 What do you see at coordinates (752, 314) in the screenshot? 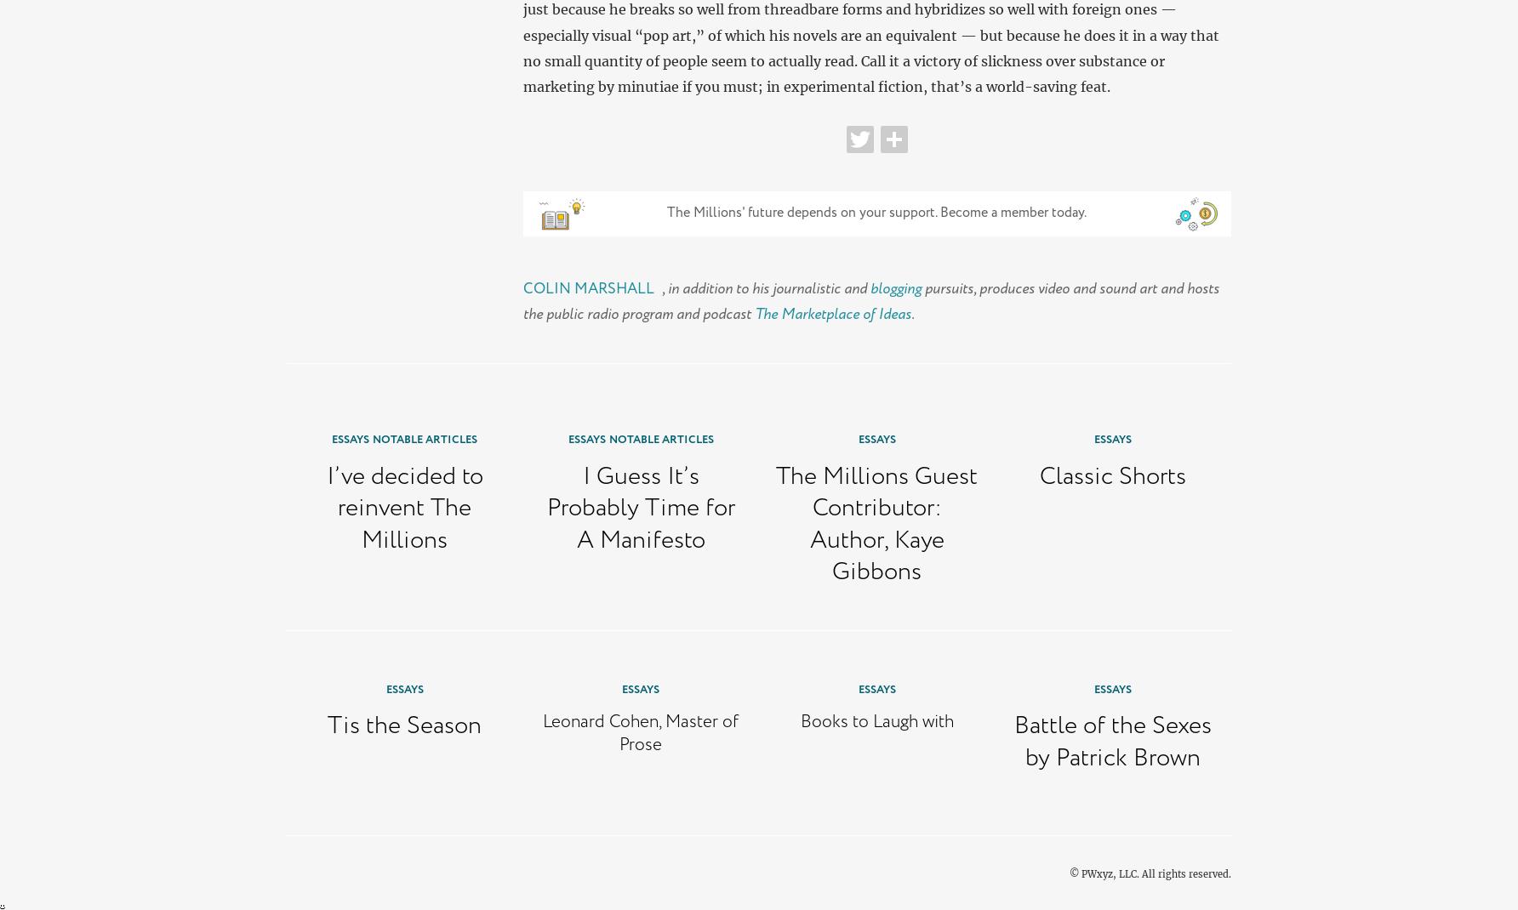
I see `'The Marketplace of Ideas'` at bounding box center [752, 314].